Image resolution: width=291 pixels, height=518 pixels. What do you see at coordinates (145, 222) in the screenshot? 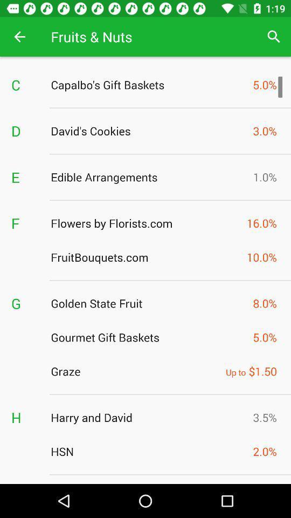
I see `the icon to the left of the 16.0% icon` at bounding box center [145, 222].